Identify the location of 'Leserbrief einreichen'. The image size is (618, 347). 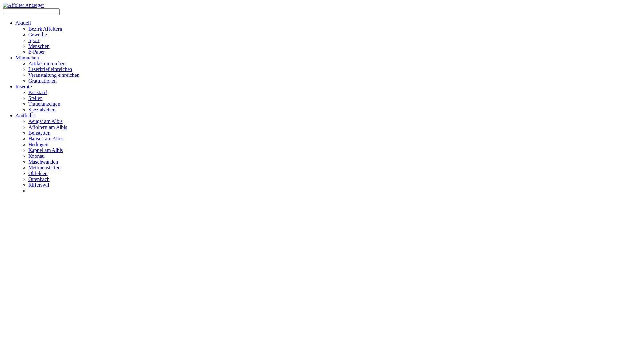
(50, 69).